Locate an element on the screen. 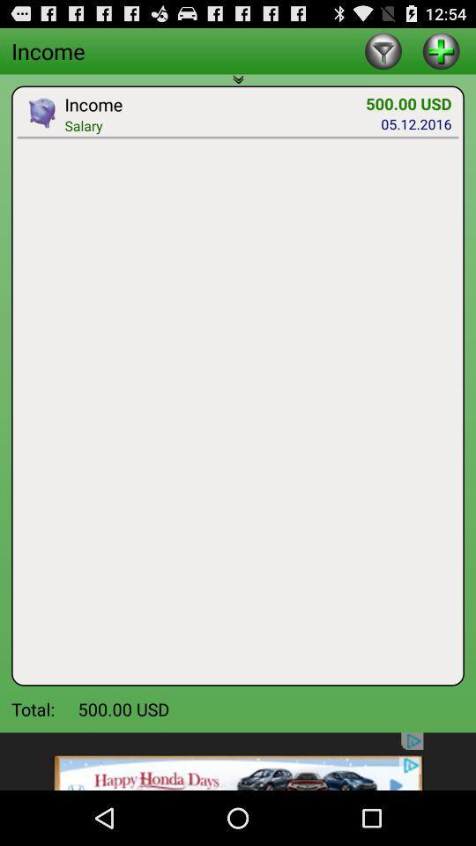  the add icon is located at coordinates (440, 54).